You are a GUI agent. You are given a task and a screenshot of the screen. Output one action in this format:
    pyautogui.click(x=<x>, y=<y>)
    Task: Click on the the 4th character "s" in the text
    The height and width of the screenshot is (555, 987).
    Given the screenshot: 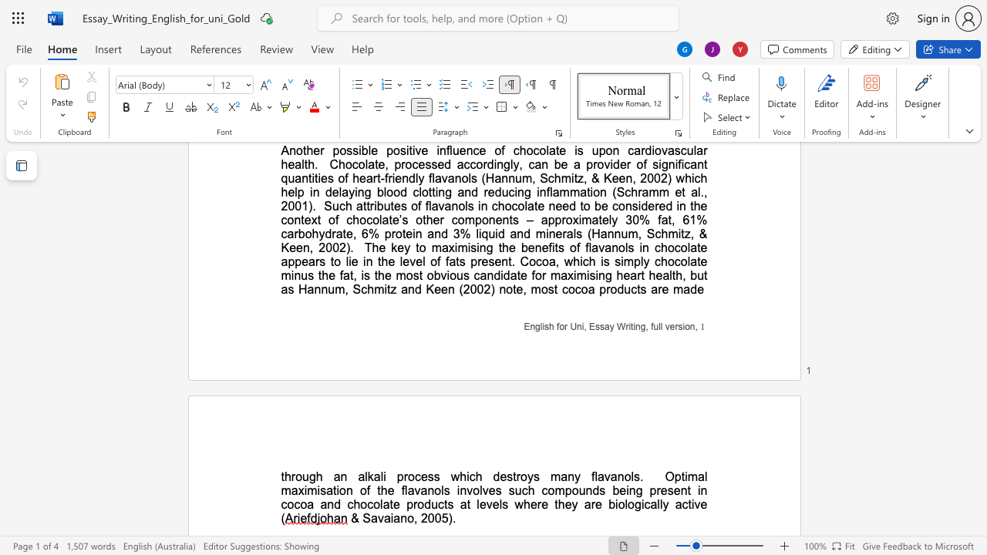 What is the action you would take?
    pyautogui.click(x=536, y=476)
    